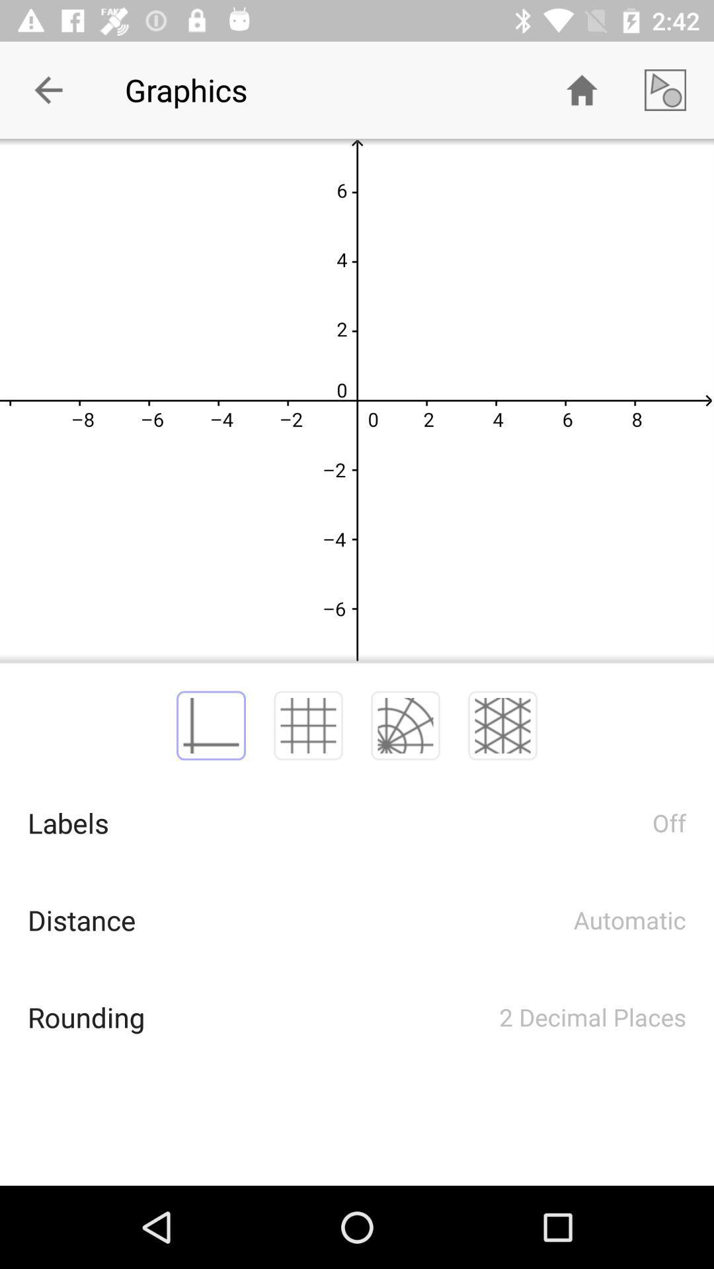 This screenshot has width=714, height=1269. I want to click on the book icon, so click(210, 725).